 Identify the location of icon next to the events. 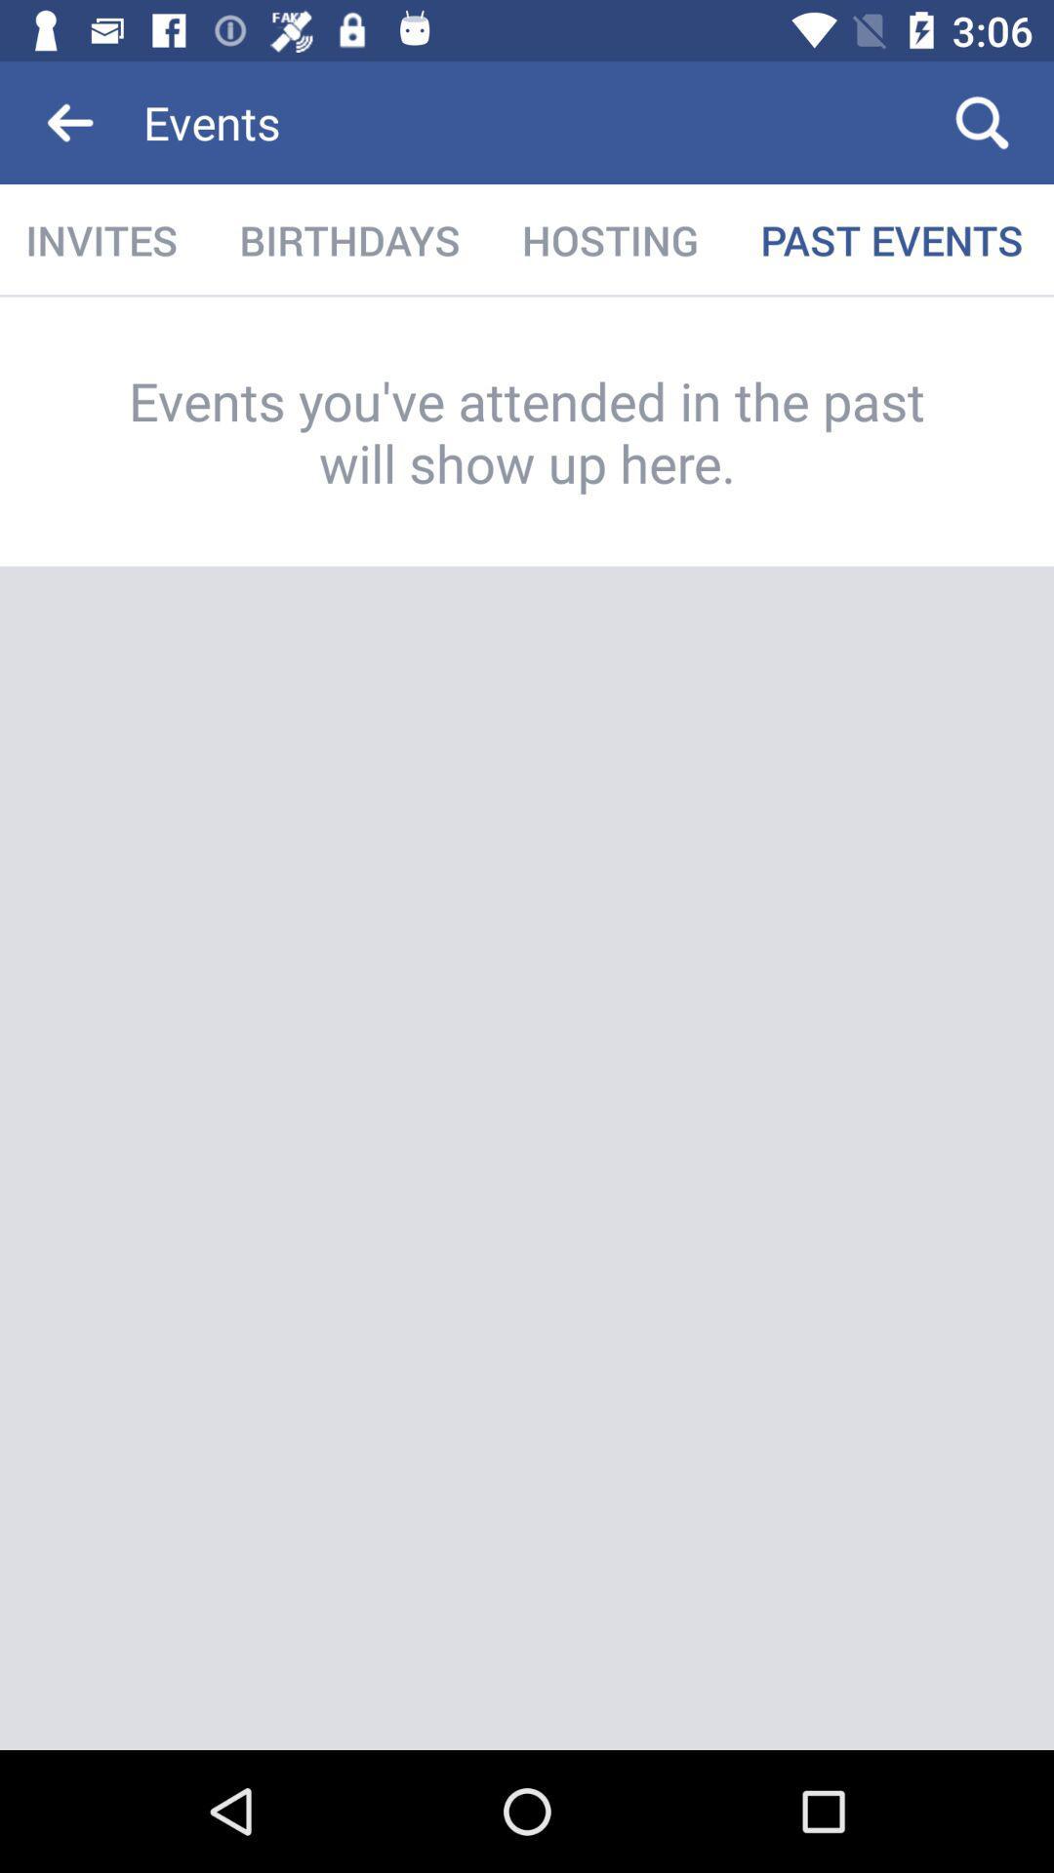
(982, 121).